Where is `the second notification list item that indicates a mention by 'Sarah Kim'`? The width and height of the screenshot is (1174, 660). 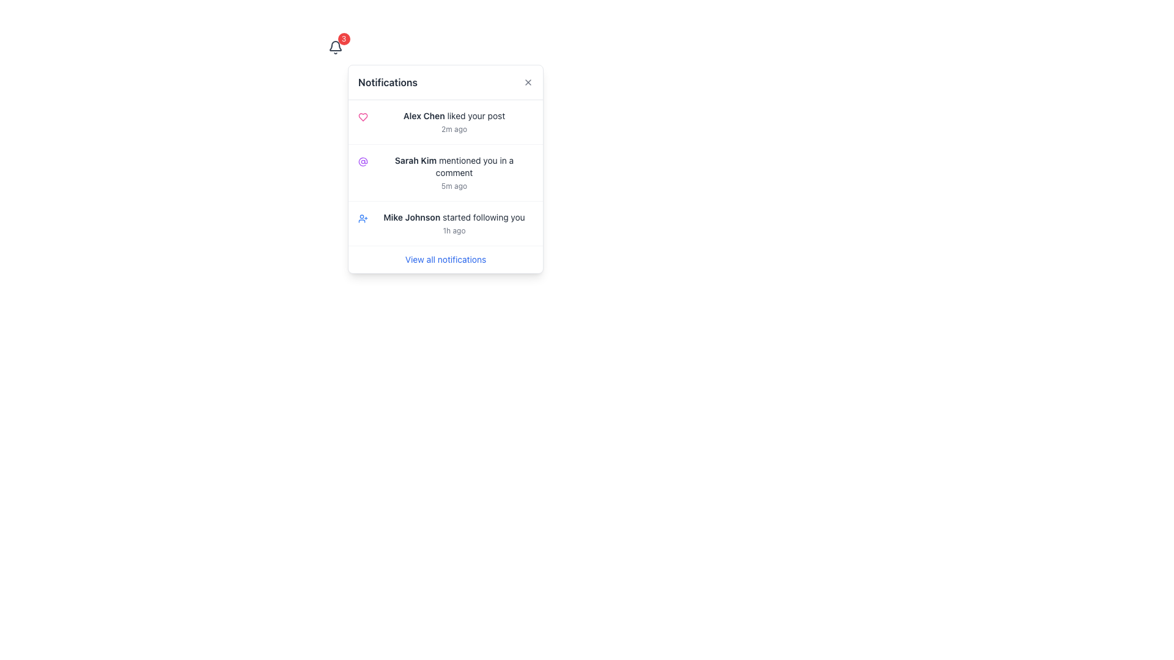
the second notification list item that indicates a mention by 'Sarah Kim' is located at coordinates (445, 172).